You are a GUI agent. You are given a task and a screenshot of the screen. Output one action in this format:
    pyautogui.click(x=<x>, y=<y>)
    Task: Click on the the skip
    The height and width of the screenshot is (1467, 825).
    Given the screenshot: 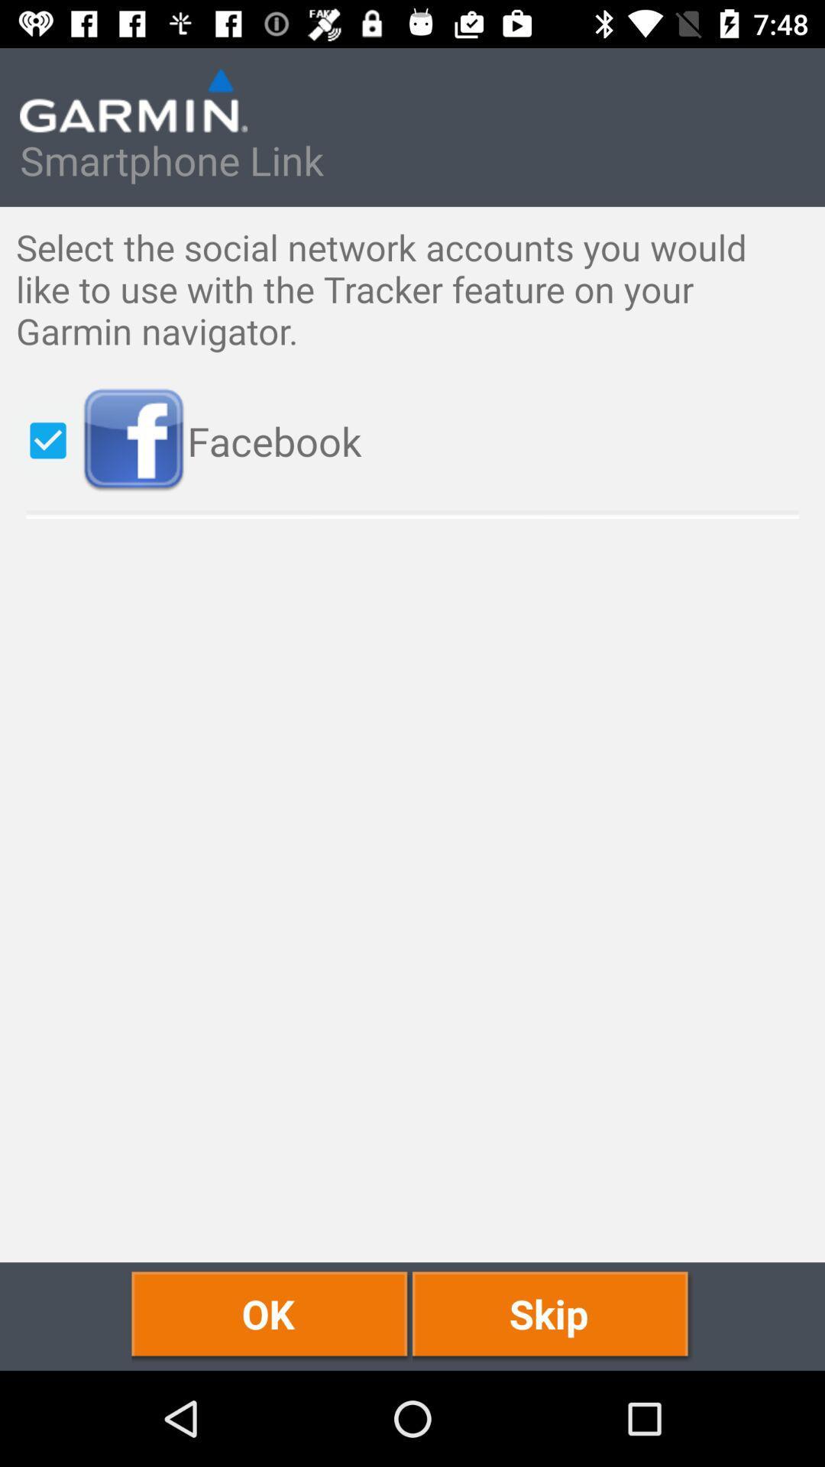 What is the action you would take?
    pyautogui.click(x=552, y=1316)
    